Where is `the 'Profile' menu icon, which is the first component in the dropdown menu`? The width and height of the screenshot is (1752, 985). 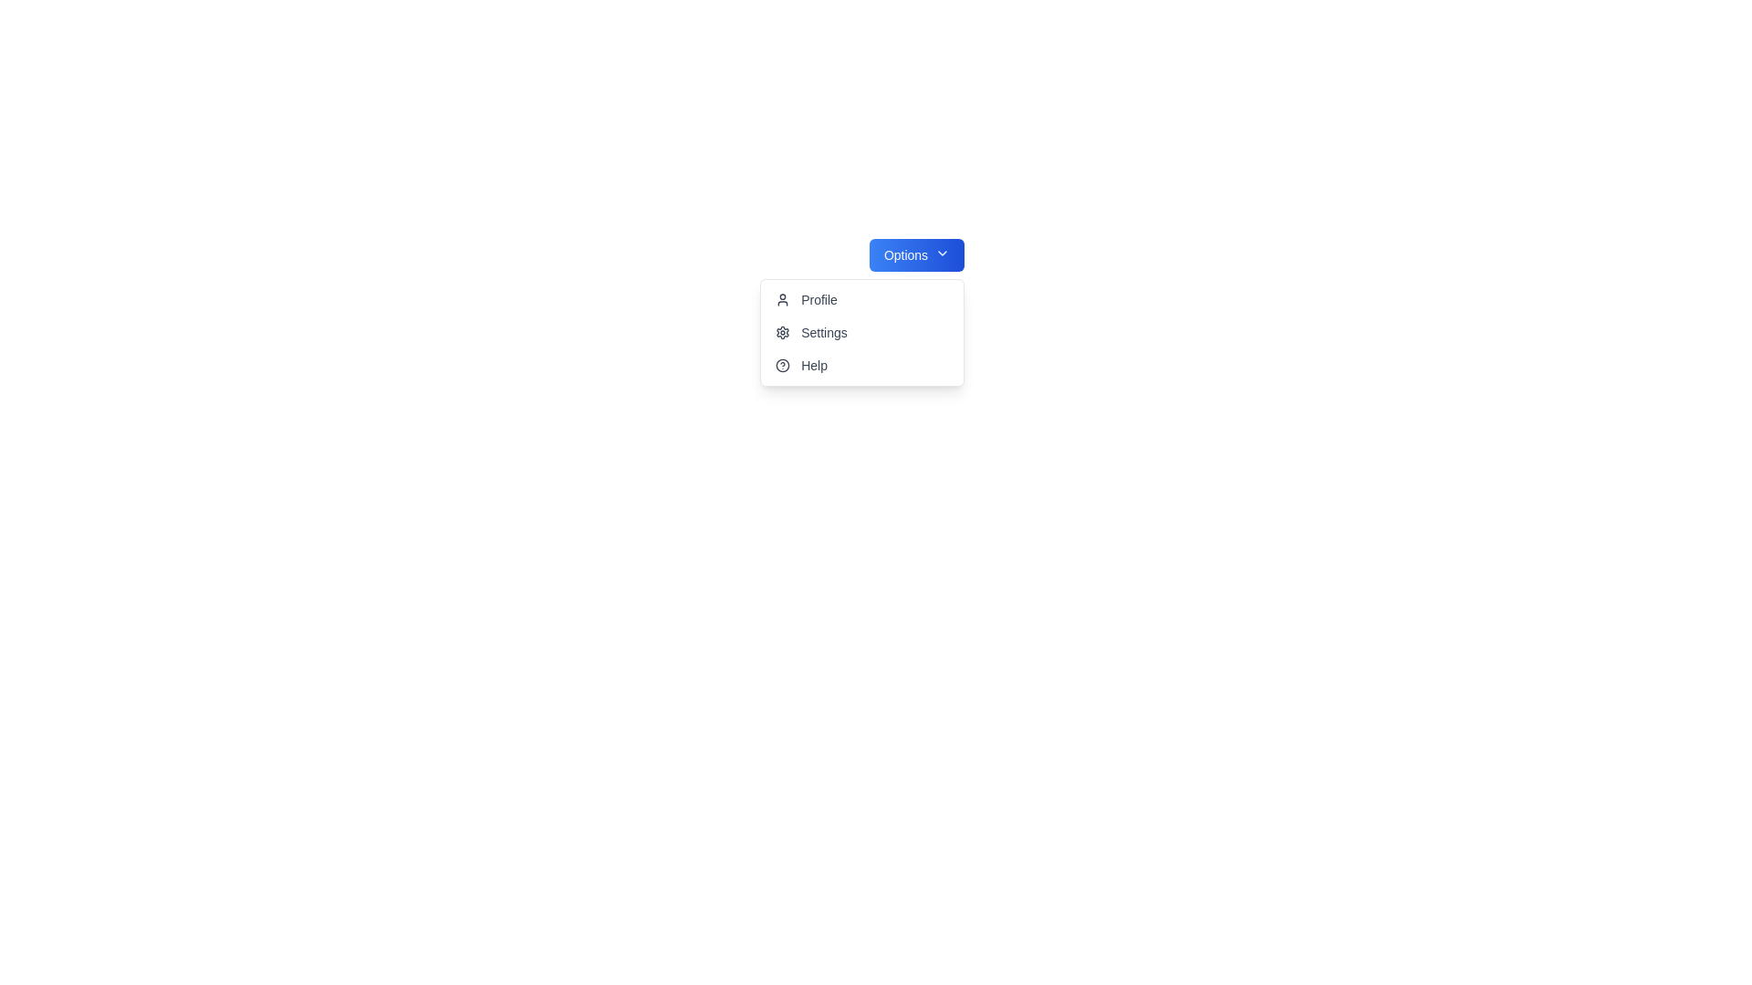
the 'Profile' menu icon, which is the first component in the dropdown menu is located at coordinates (783, 298).